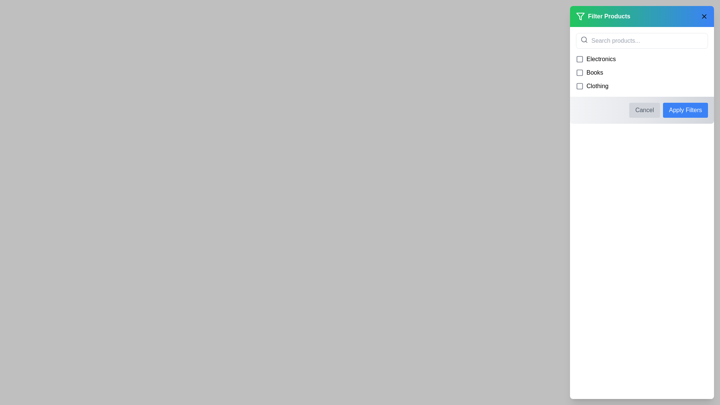  What do you see at coordinates (703, 16) in the screenshot?
I see `the close button located in the top-right corner of the 'Filter Products' header` at bounding box center [703, 16].